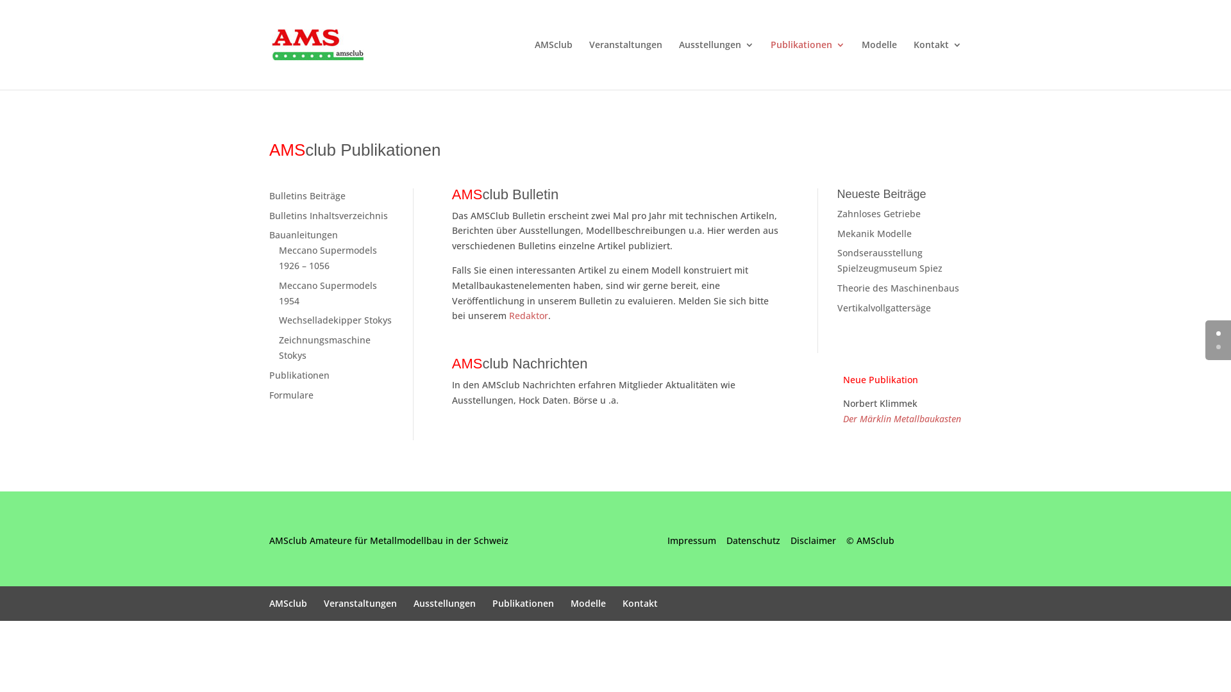 The width and height of the screenshot is (1231, 692). I want to click on 'Kontakt', so click(937, 65).